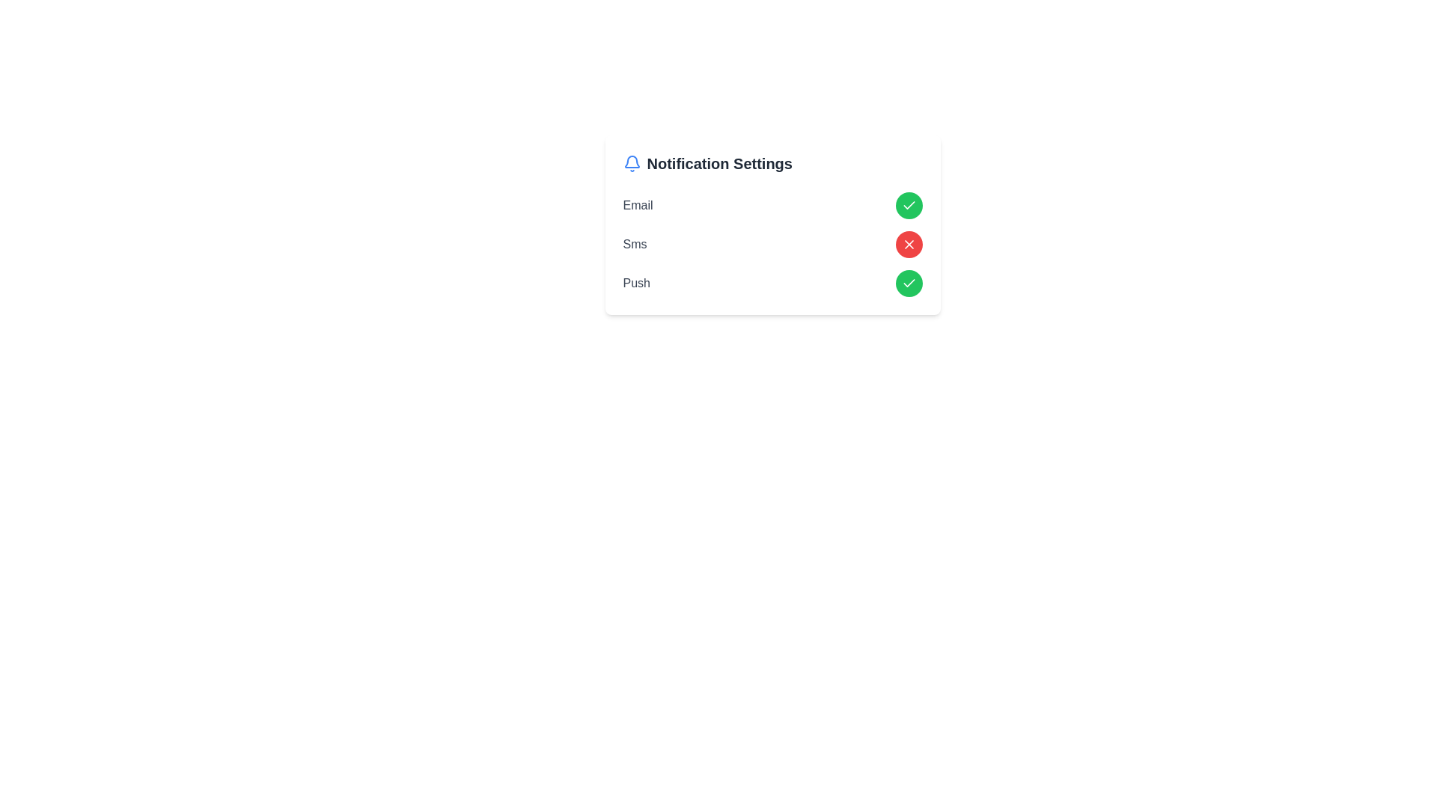  What do you see at coordinates (772, 244) in the screenshot?
I see `the 'SMS' row item` at bounding box center [772, 244].